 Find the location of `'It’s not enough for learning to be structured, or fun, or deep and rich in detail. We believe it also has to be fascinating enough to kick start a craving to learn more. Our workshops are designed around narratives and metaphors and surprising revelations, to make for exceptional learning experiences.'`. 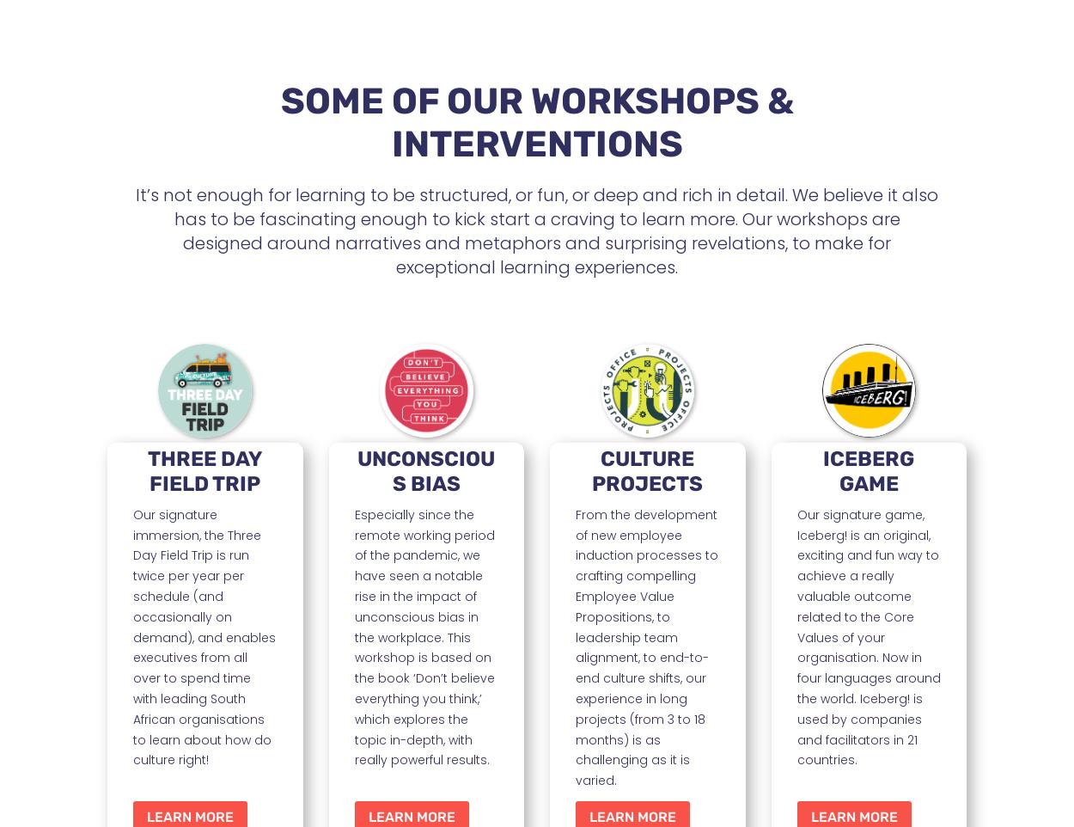

'It’s not enough for learning to be structured, or fun, or deep and rich in detail. We believe it also has to be fascinating enough to kick start a craving to learn more. Our workshops are designed around narratives and metaphors and surprising revelations, to make for exceptional learning experiences.' is located at coordinates (537, 230).